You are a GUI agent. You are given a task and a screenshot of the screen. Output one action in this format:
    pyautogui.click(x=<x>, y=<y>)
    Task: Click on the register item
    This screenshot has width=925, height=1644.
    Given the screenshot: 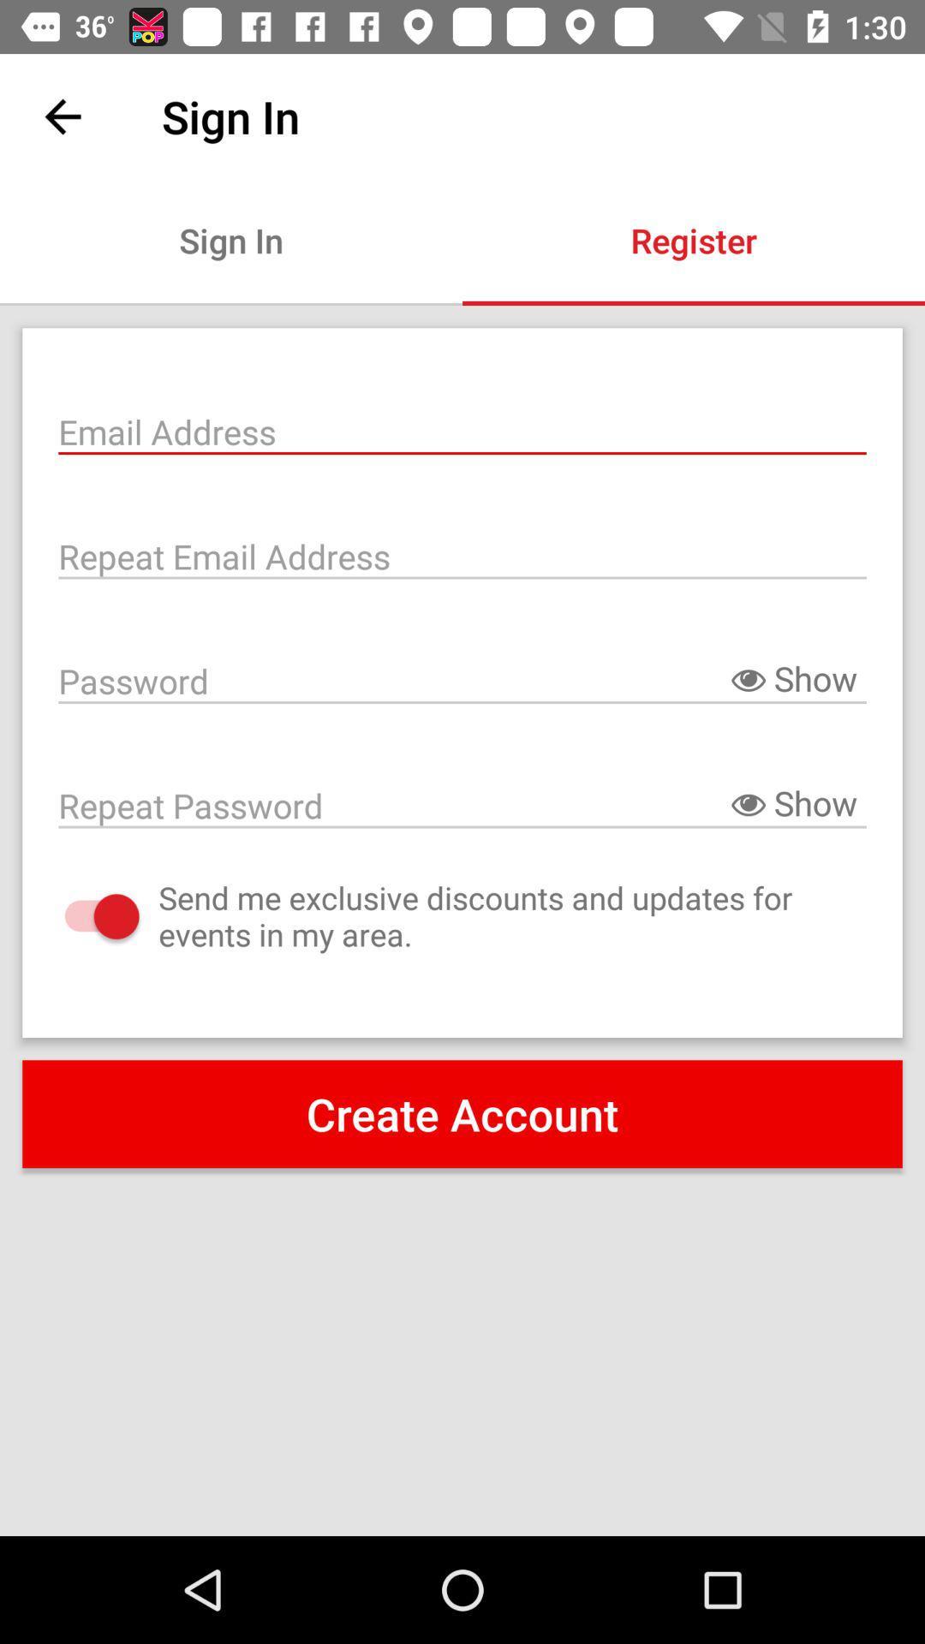 What is the action you would take?
    pyautogui.click(x=694, y=239)
    